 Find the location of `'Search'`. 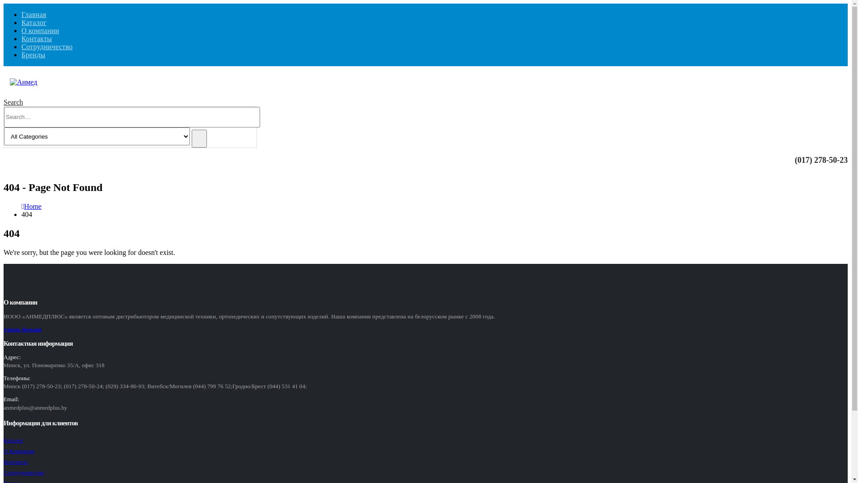

'Search' is located at coordinates (13, 102).